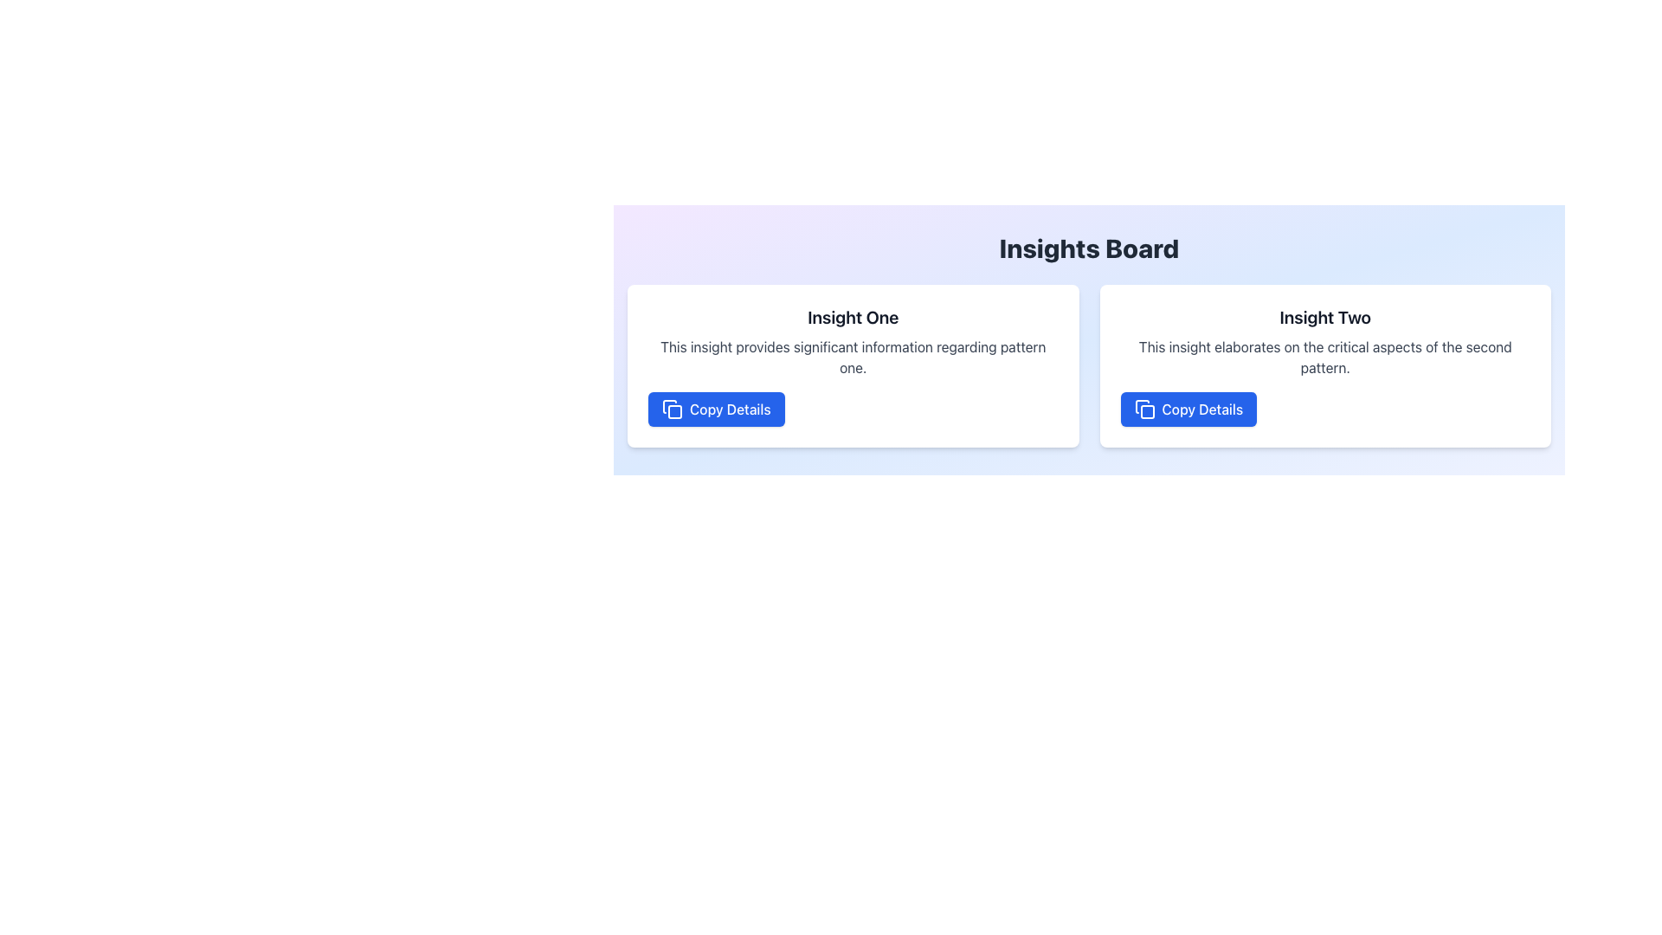 The image size is (1662, 935). I want to click on the 'Copy Details' button associated with the 'Insight Two' section, so click(1142, 407).